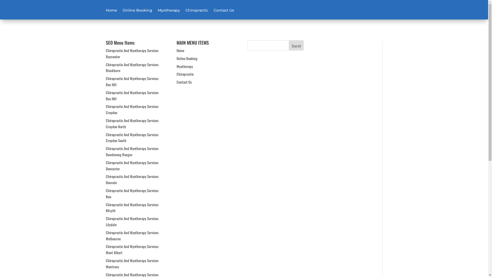 The height and width of the screenshot is (277, 492). Describe the element at coordinates (180, 50) in the screenshot. I see `'Home'` at that location.